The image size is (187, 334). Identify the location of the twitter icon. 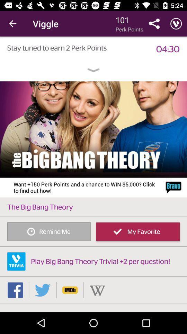
(43, 290).